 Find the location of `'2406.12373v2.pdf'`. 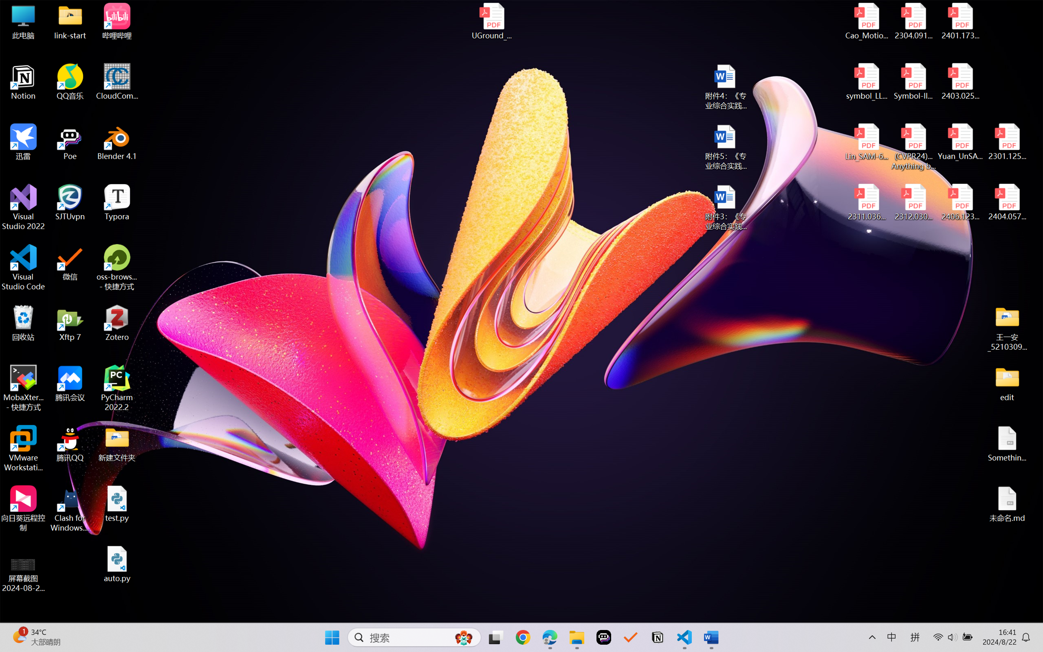

'2406.12373v2.pdf' is located at coordinates (959, 202).